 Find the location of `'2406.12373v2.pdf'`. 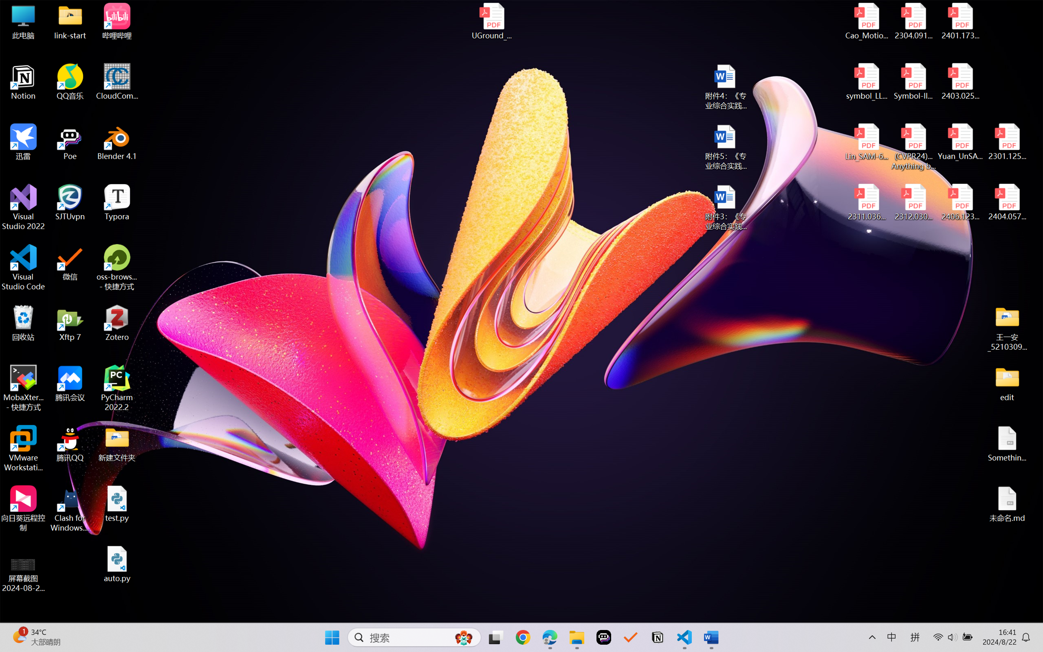

'2406.12373v2.pdf' is located at coordinates (959, 202).